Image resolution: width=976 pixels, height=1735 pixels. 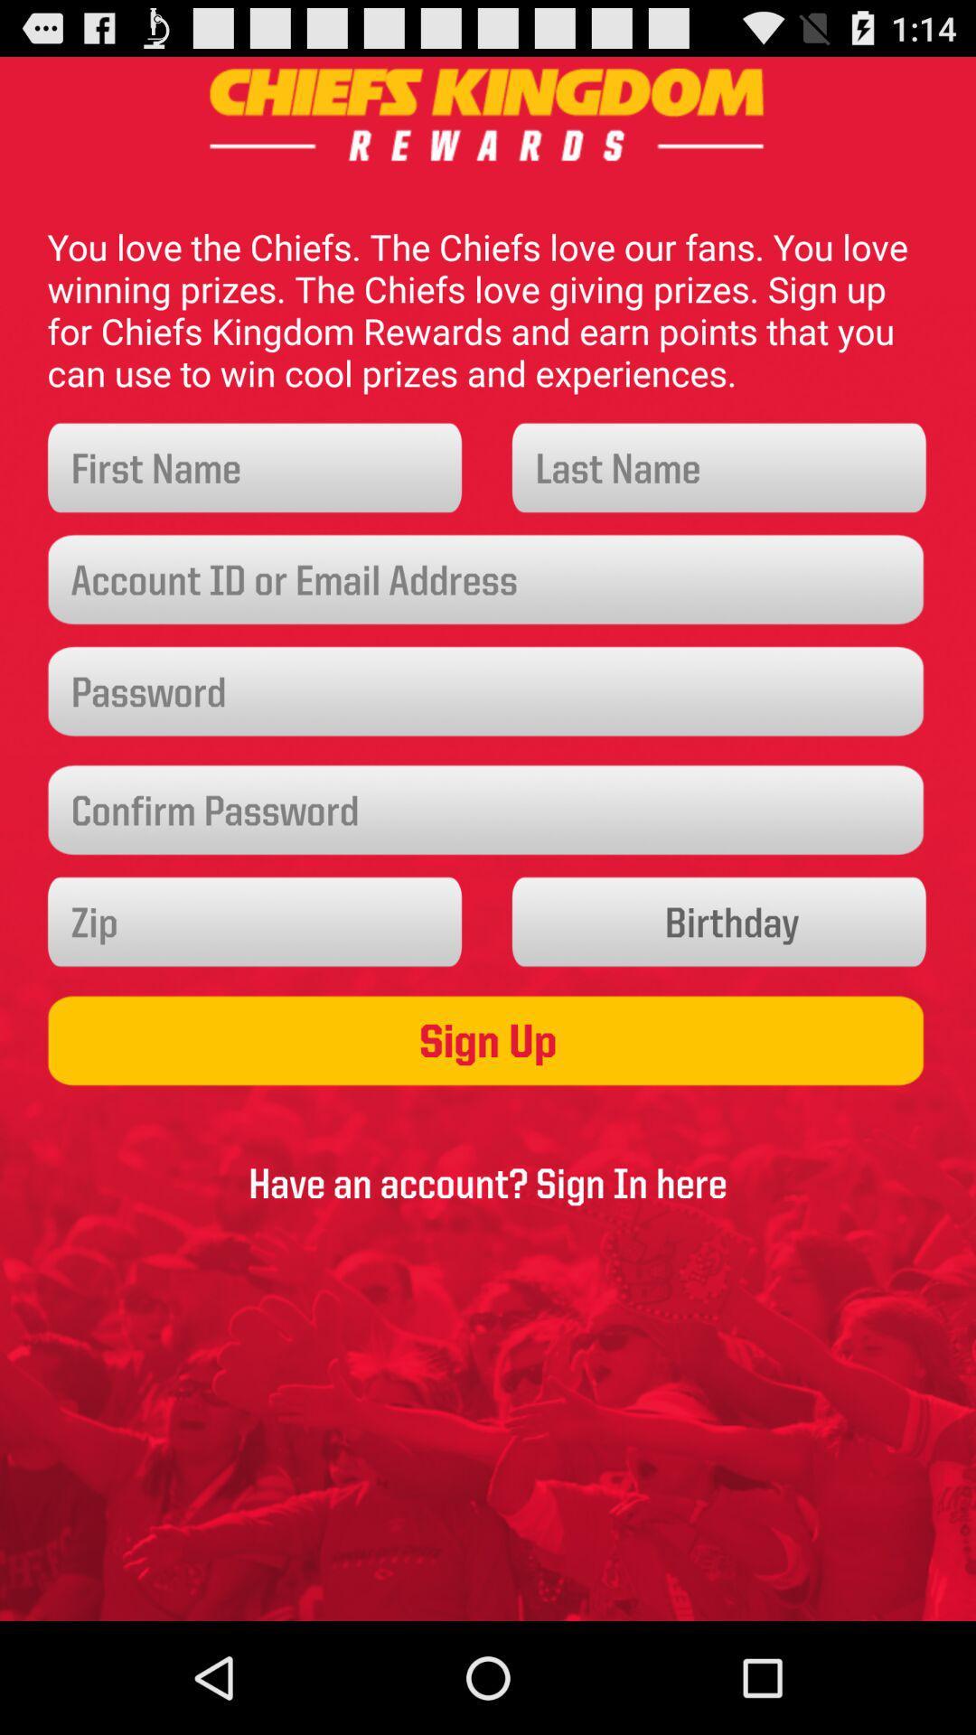 I want to click on type last name, so click(x=718, y=468).